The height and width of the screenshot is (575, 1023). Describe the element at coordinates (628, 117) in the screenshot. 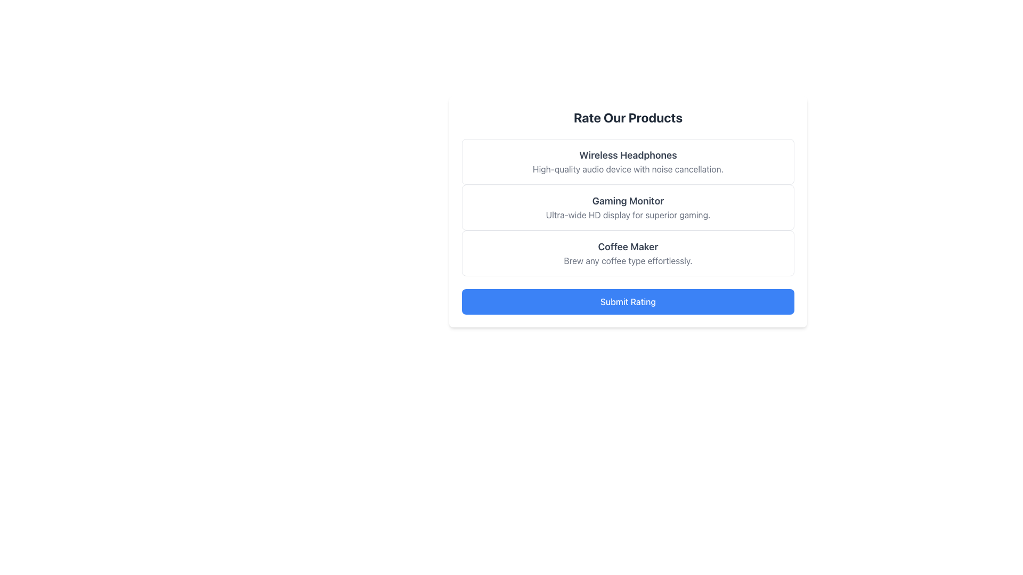

I see `the static text element that serves as a title or header for the product rating section` at that location.